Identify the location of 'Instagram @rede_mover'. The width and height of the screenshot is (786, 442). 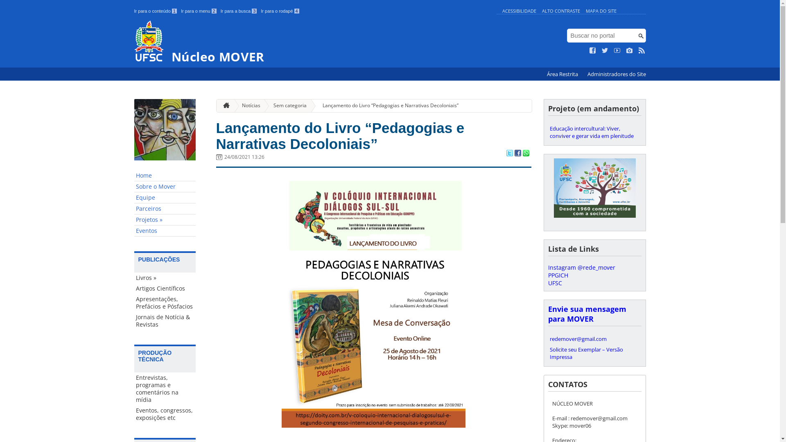
(581, 267).